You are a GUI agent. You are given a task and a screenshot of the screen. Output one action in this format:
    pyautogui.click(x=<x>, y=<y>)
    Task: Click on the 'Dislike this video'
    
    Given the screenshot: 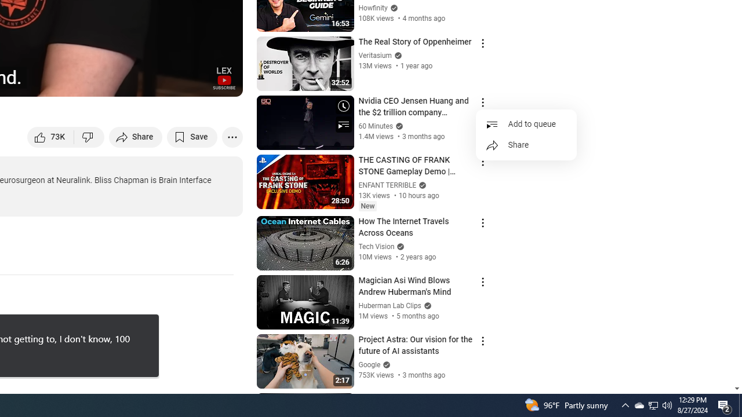 What is the action you would take?
    pyautogui.click(x=89, y=136)
    